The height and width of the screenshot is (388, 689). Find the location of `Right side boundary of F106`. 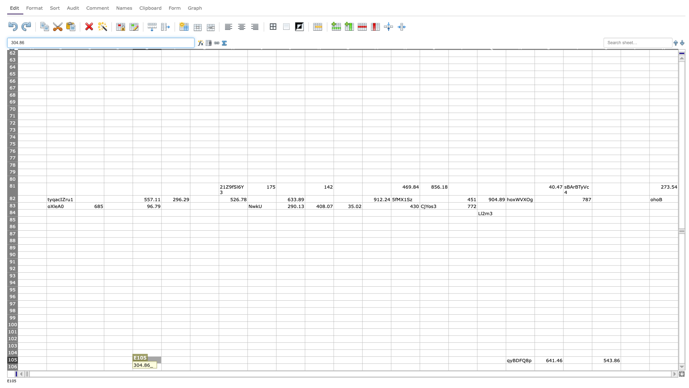

Right side boundary of F106 is located at coordinates (190, 367).